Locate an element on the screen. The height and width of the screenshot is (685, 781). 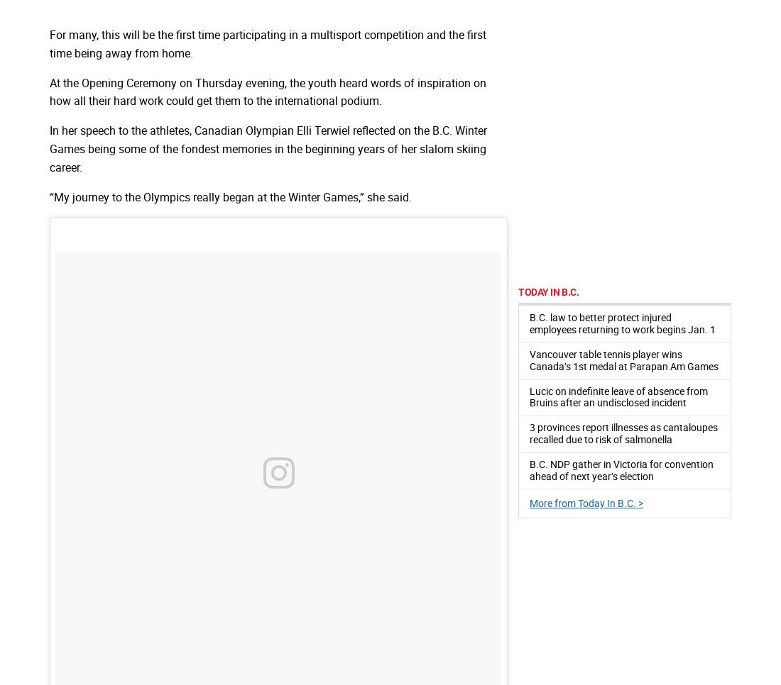
'At the Opening Ceremony on Thursday evening, the youth heard words of inspiration on how all their hard work could get them to the international podium.' is located at coordinates (268, 91).